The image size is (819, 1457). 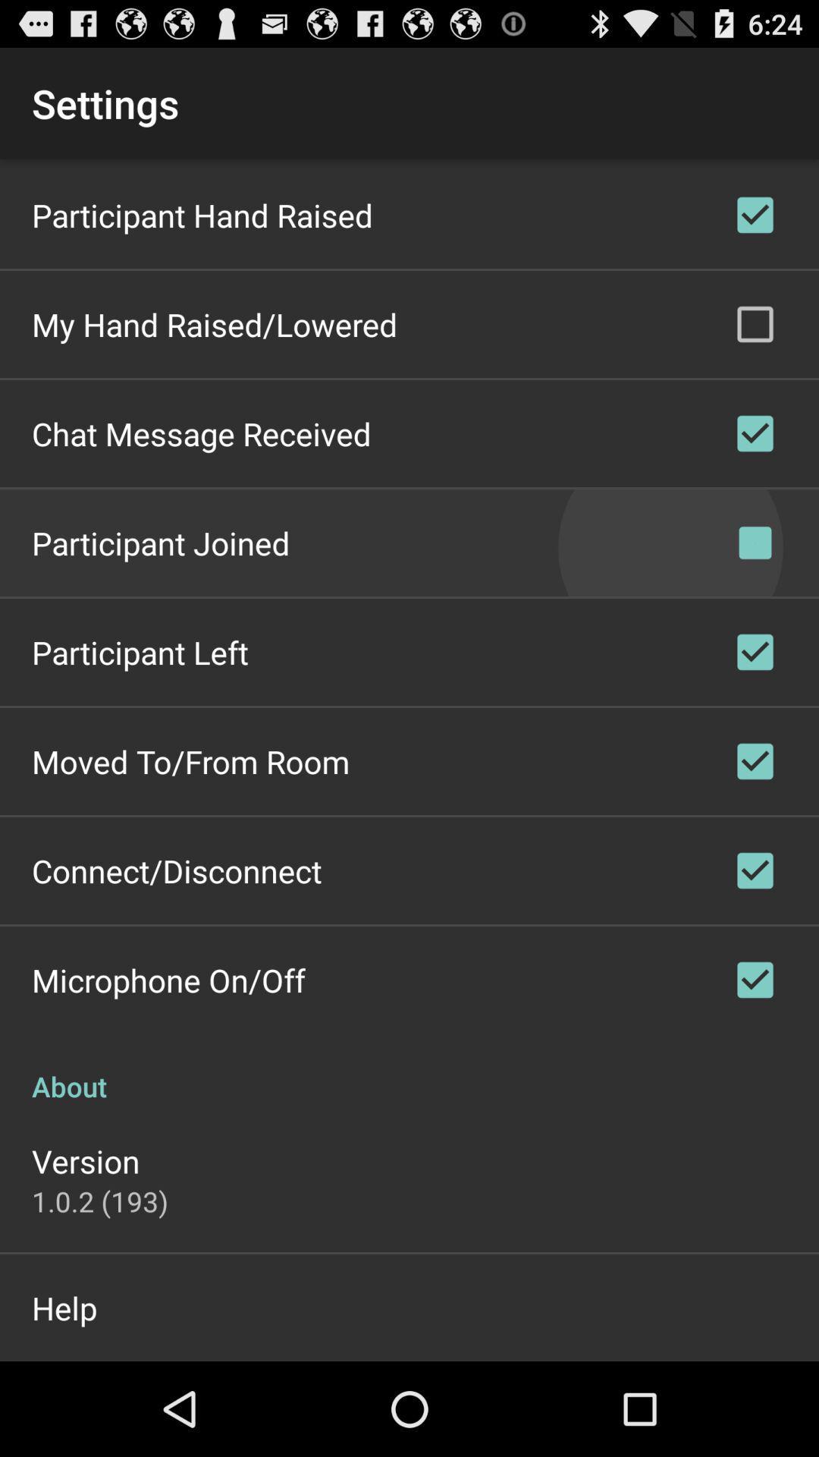 What do you see at coordinates (409, 1069) in the screenshot?
I see `the item above the version item` at bounding box center [409, 1069].